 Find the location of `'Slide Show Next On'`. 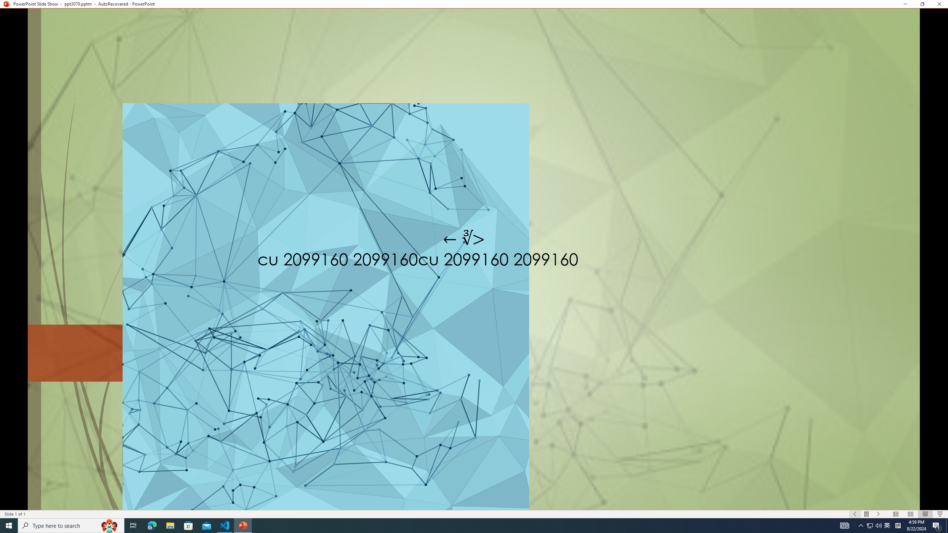

'Slide Show Next On' is located at coordinates (878, 514).